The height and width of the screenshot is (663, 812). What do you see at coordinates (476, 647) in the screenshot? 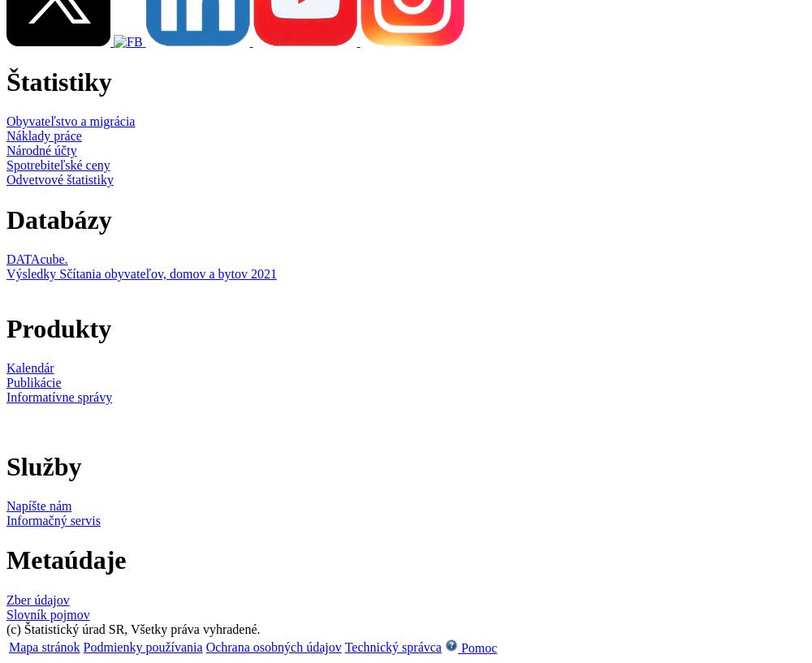
I see `'Pomoc'` at bounding box center [476, 647].